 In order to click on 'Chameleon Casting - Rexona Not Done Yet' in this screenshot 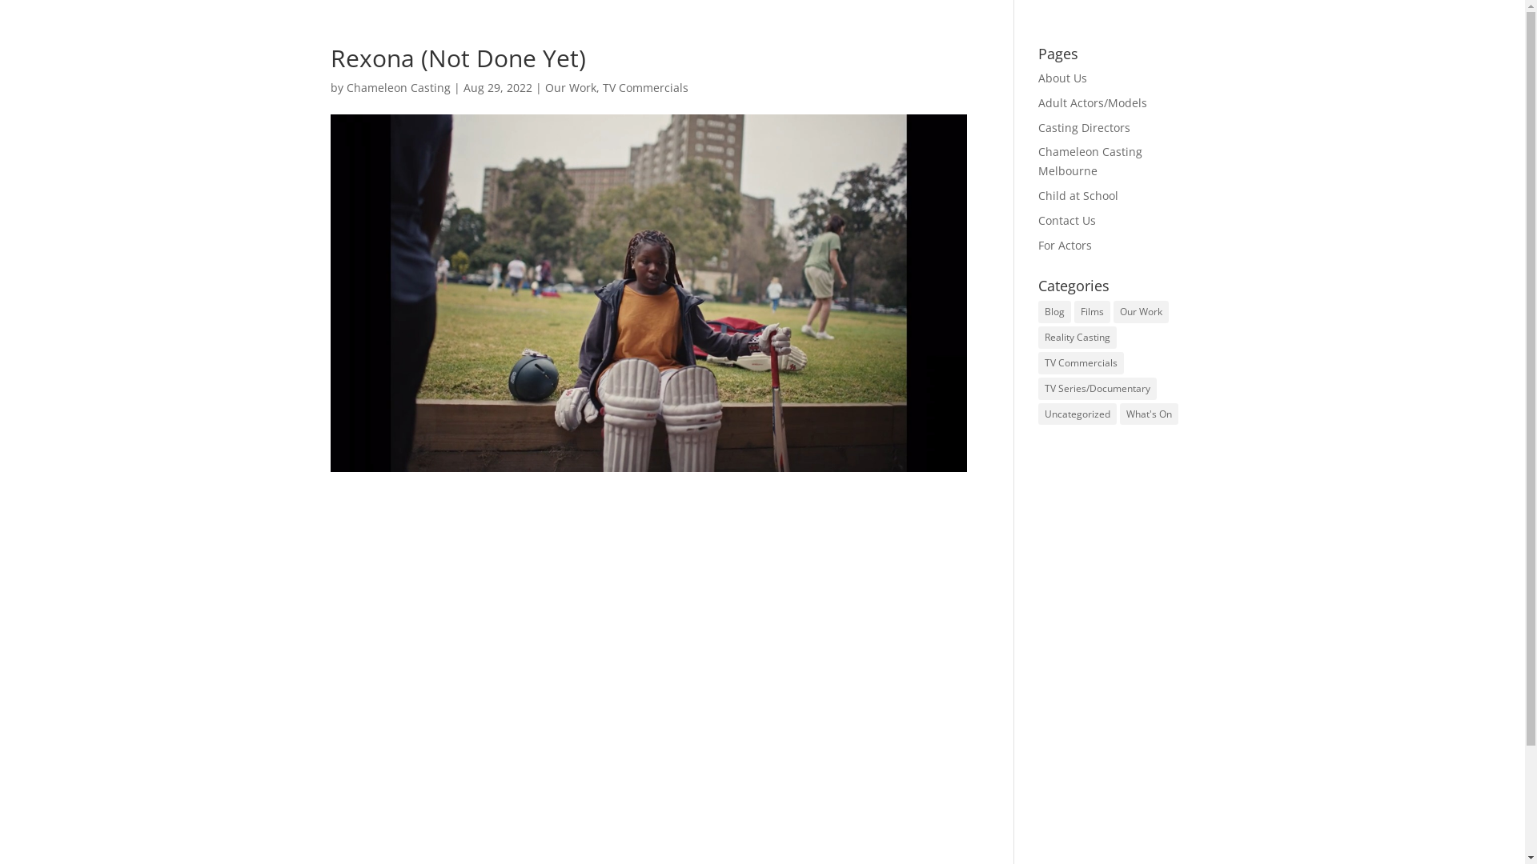, I will do `click(648, 681)`.